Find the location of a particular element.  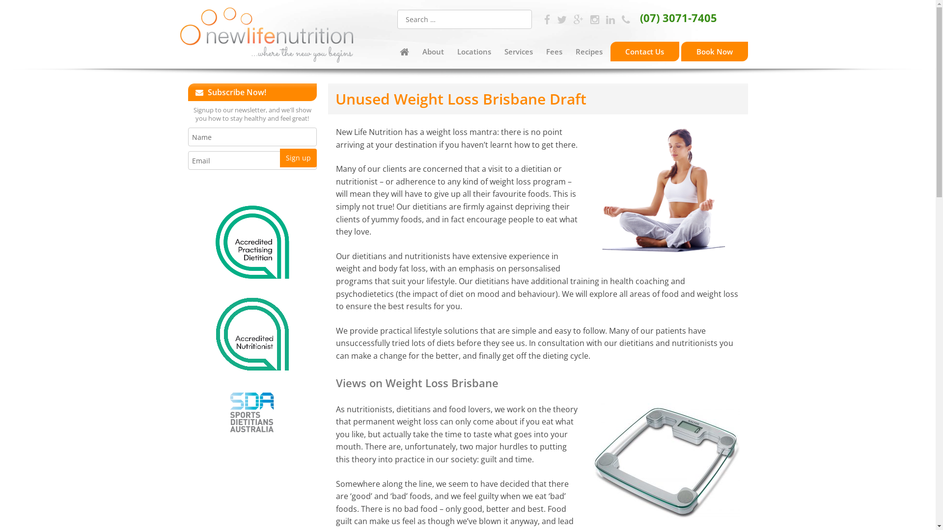

'Book Now' is located at coordinates (714, 51).